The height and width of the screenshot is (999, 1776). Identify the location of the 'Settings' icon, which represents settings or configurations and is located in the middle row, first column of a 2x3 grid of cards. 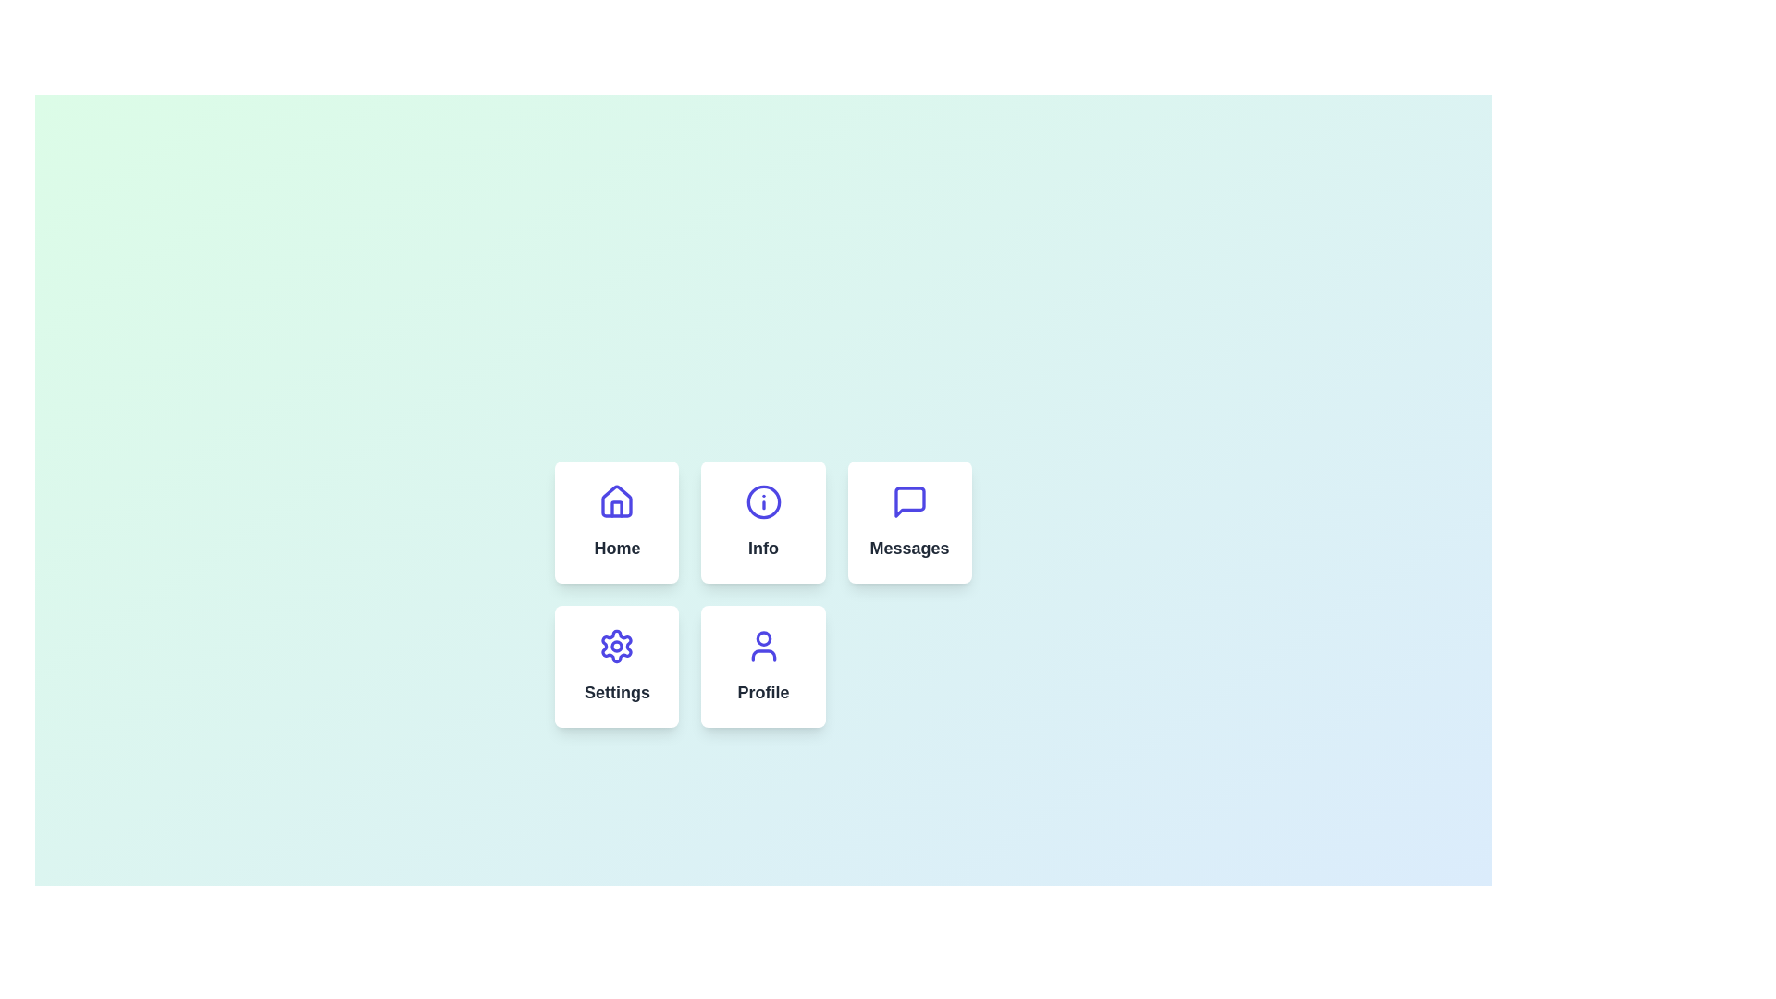
(617, 645).